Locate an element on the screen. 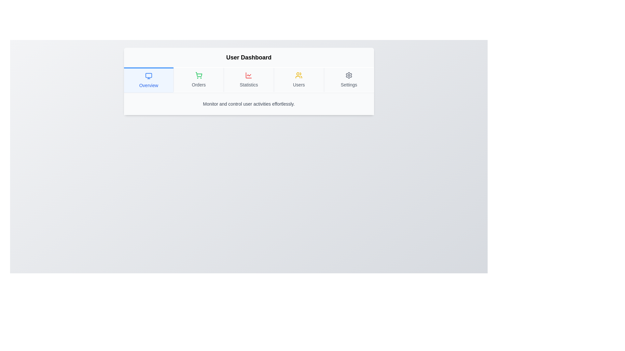  the third navigation button, located between the 'Orders' button and the 'Users' button is located at coordinates (248, 80).